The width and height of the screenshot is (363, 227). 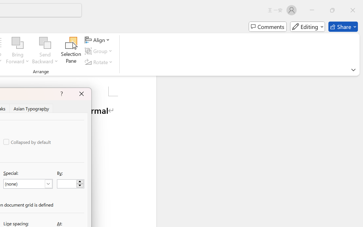 What do you see at coordinates (18, 51) in the screenshot?
I see `'Bring Forward'` at bounding box center [18, 51].